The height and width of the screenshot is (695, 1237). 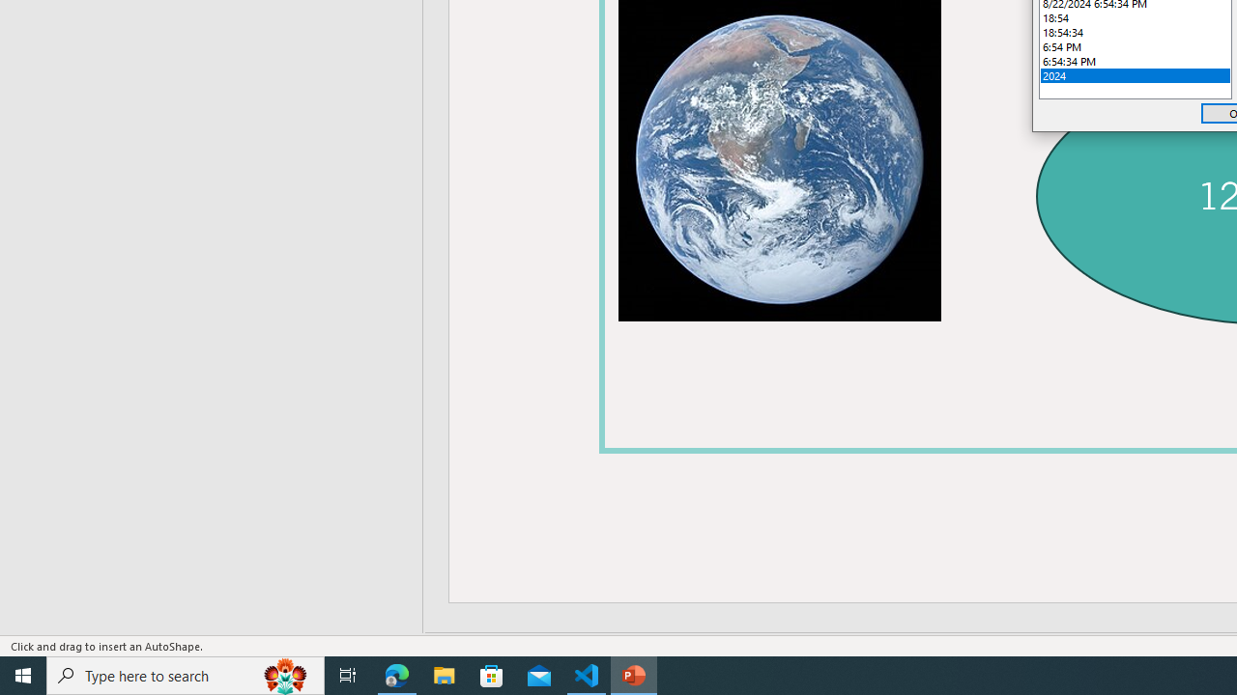 What do you see at coordinates (586, 674) in the screenshot?
I see `'Visual Studio Code - 1 running window'` at bounding box center [586, 674].